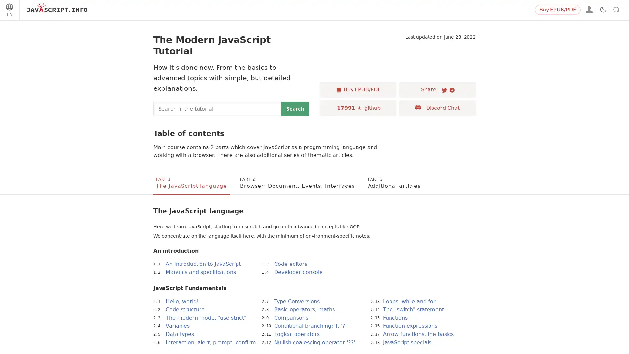 This screenshot has width=629, height=354. Describe the element at coordinates (295, 108) in the screenshot. I see `Search` at that location.